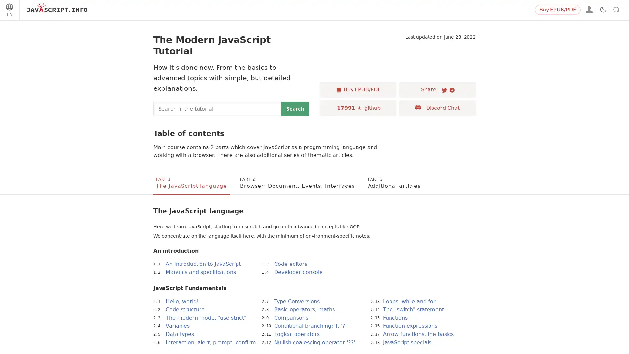 This screenshot has width=629, height=354. Describe the element at coordinates (295, 108) in the screenshot. I see `Search` at that location.